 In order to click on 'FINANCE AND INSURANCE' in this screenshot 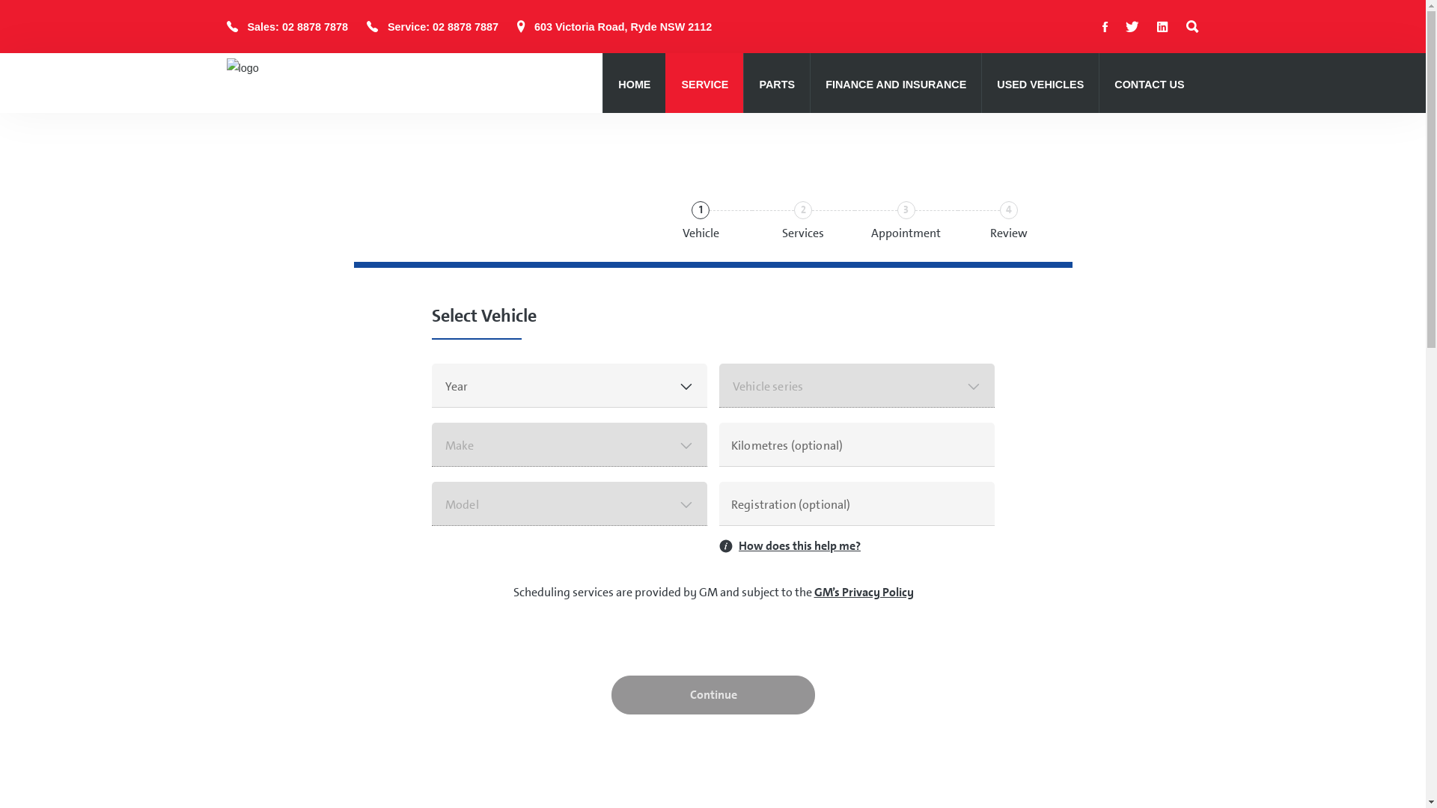, I will do `click(895, 85)`.